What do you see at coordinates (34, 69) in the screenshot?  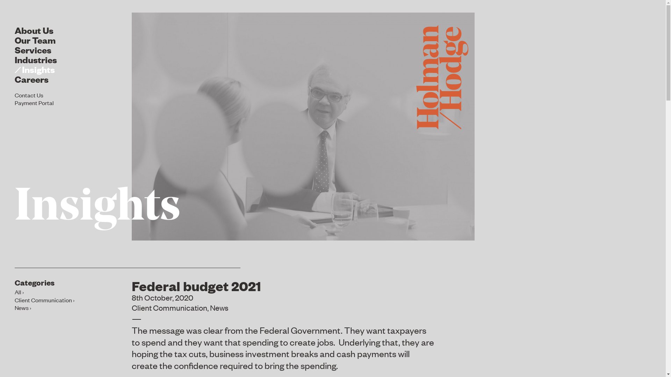 I see `'Insights'` at bounding box center [34, 69].